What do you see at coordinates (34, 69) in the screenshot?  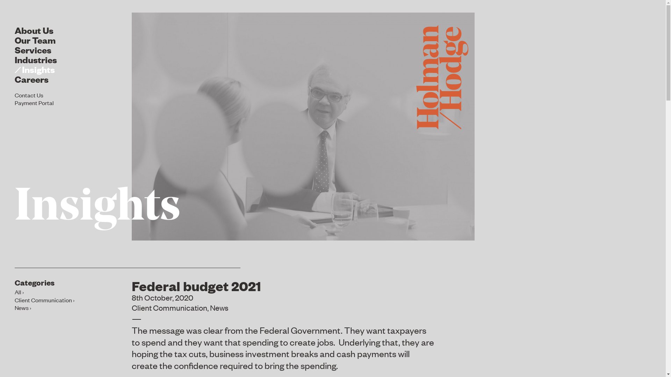 I see `'Insights'` at bounding box center [34, 69].